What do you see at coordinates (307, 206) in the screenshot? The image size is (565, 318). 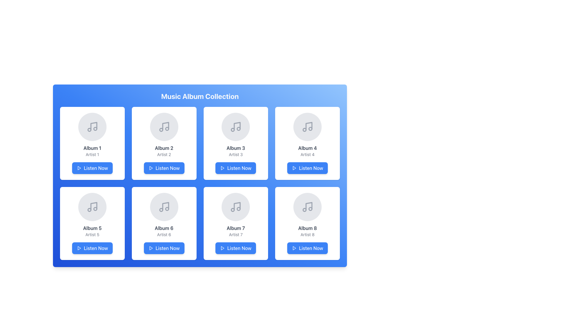 I see `the circular music note icon with a light gray background located at the top-center of the 'Album 8' card by 'Artist 8'` at bounding box center [307, 206].